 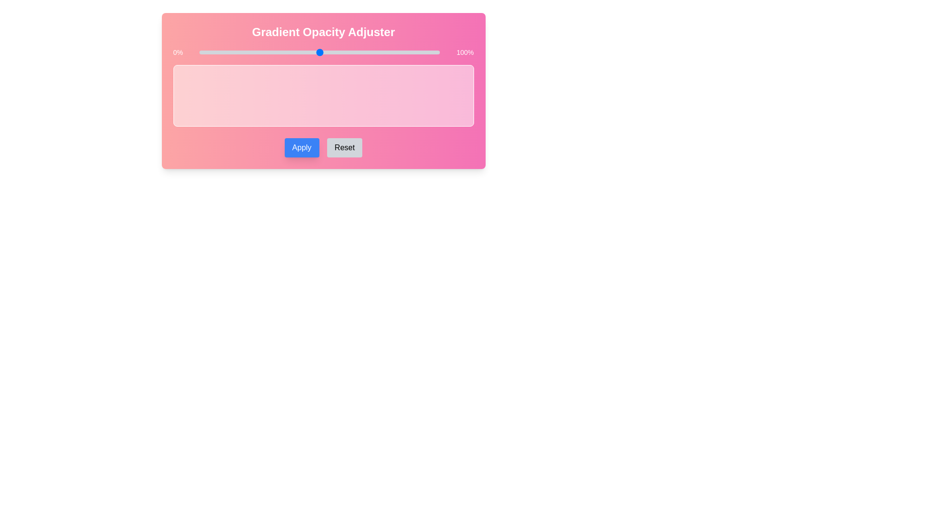 What do you see at coordinates (235, 52) in the screenshot?
I see `the opacity to 15% using the slider` at bounding box center [235, 52].